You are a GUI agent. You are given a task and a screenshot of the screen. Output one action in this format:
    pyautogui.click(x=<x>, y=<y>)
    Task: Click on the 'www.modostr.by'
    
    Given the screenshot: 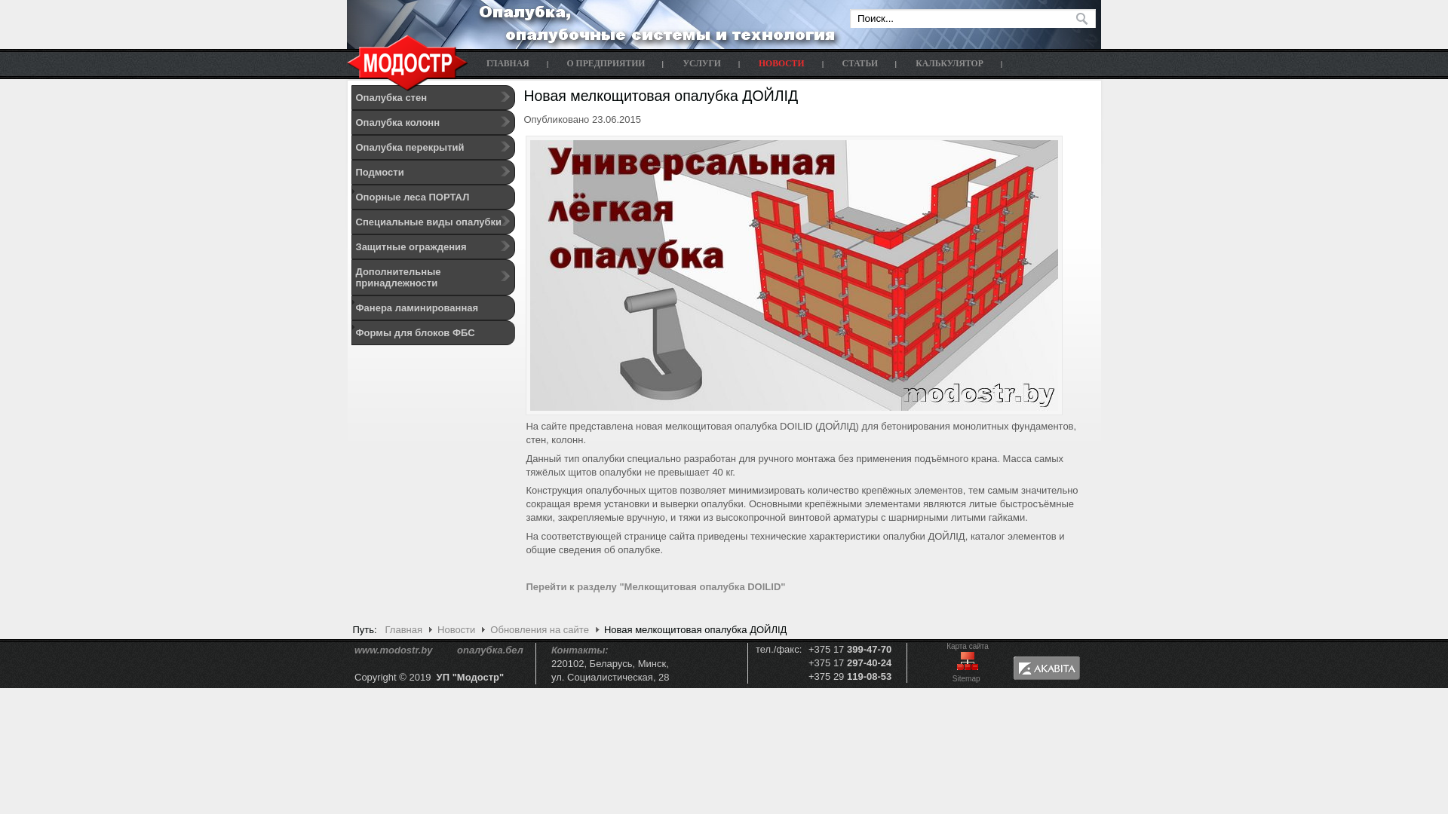 What is the action you would take?
    pyautogui.click(x=394, y=649)
    